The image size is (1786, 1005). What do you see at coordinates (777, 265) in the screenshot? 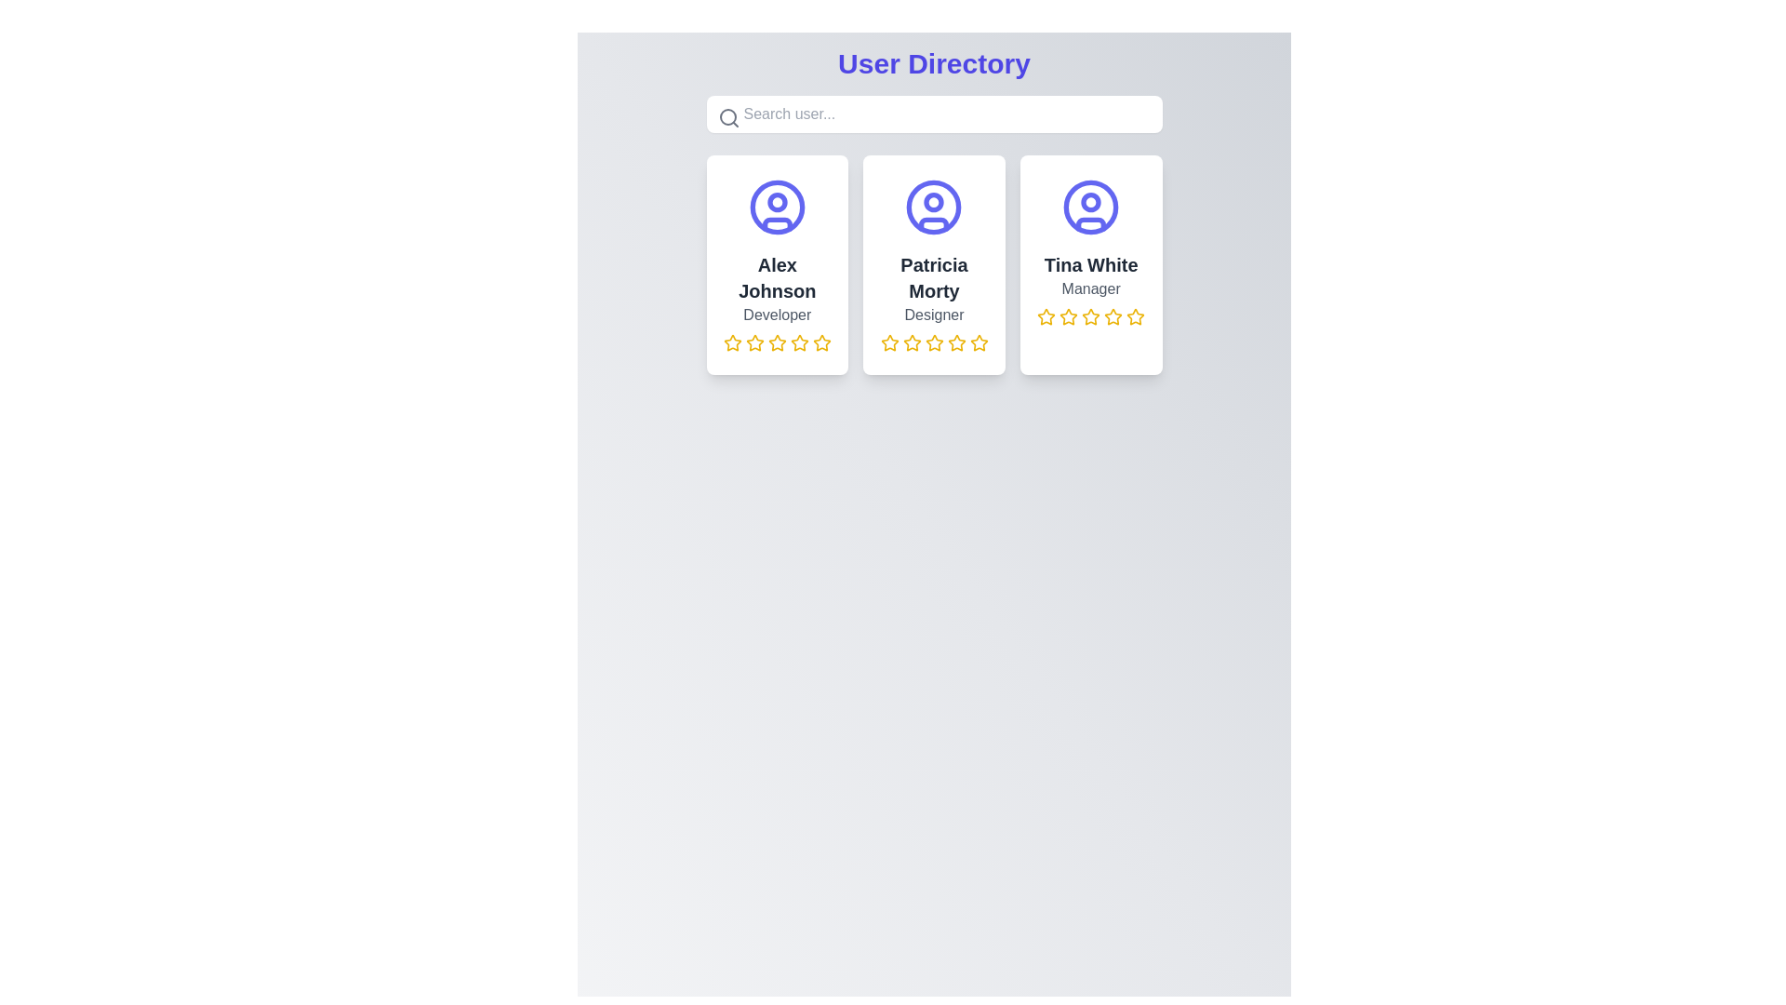
I see `information displayed on the user profile card for 'Alex Johnson', which is the first card in a three-card layout` at bounding box center [777, 265].